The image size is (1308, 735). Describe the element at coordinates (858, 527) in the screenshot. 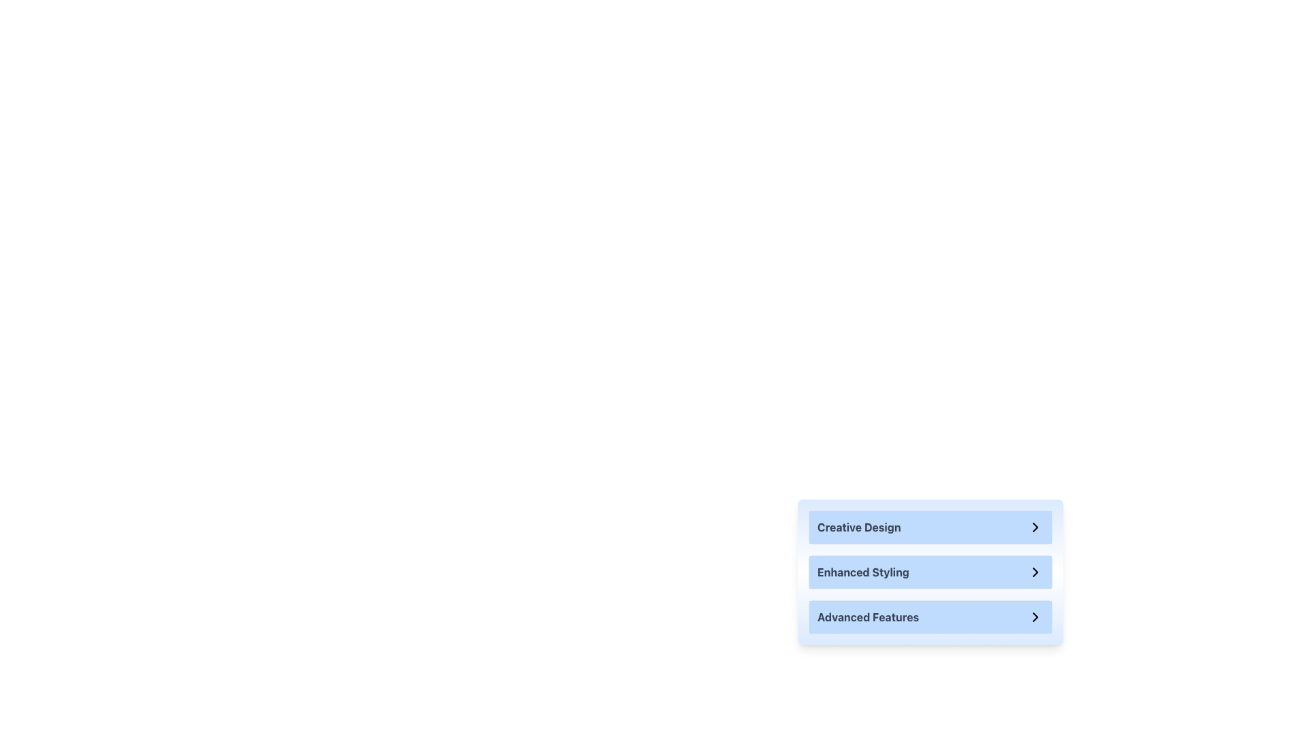

I see `the 'Creative Design' text label in the menu, which is located in the top row of a vertical stack of similar styled elements` at that location.